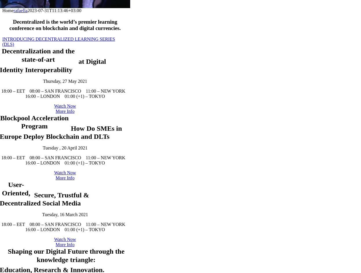 Image resolution: width=361 pixels, height=273 pixels. What do you see at coordinates (8, 10) in the screenshot?
I see `'Home'` at bounding box center [8, 10].